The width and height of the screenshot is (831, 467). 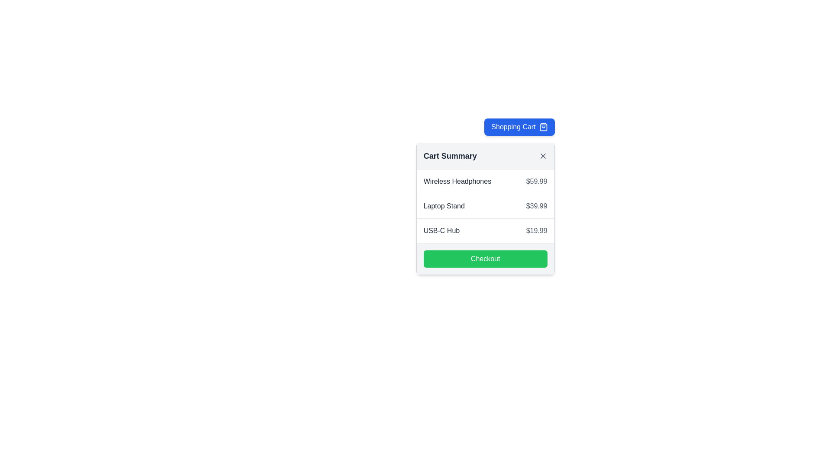 What do you see at coordinates (536, 206) in the screenshot?
I see `the Text Label displaying the price of the item next to 'Laptop Stand' in the shopping cart list` at bounding box center [536, 206].